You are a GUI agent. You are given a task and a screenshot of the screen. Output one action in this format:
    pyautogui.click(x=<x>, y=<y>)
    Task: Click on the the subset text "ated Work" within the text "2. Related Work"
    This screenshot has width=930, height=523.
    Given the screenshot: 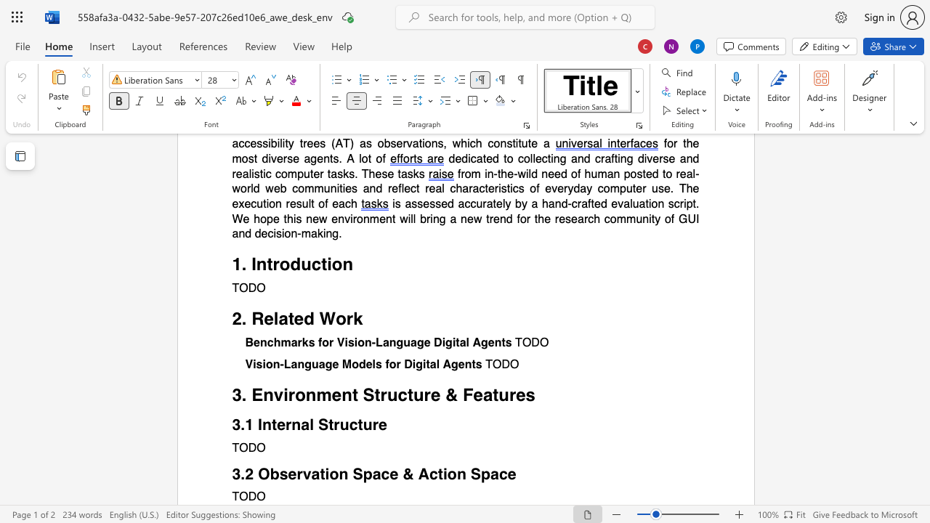 What is the action you would take?
    pyautogui.click(x=278, y=318)
    